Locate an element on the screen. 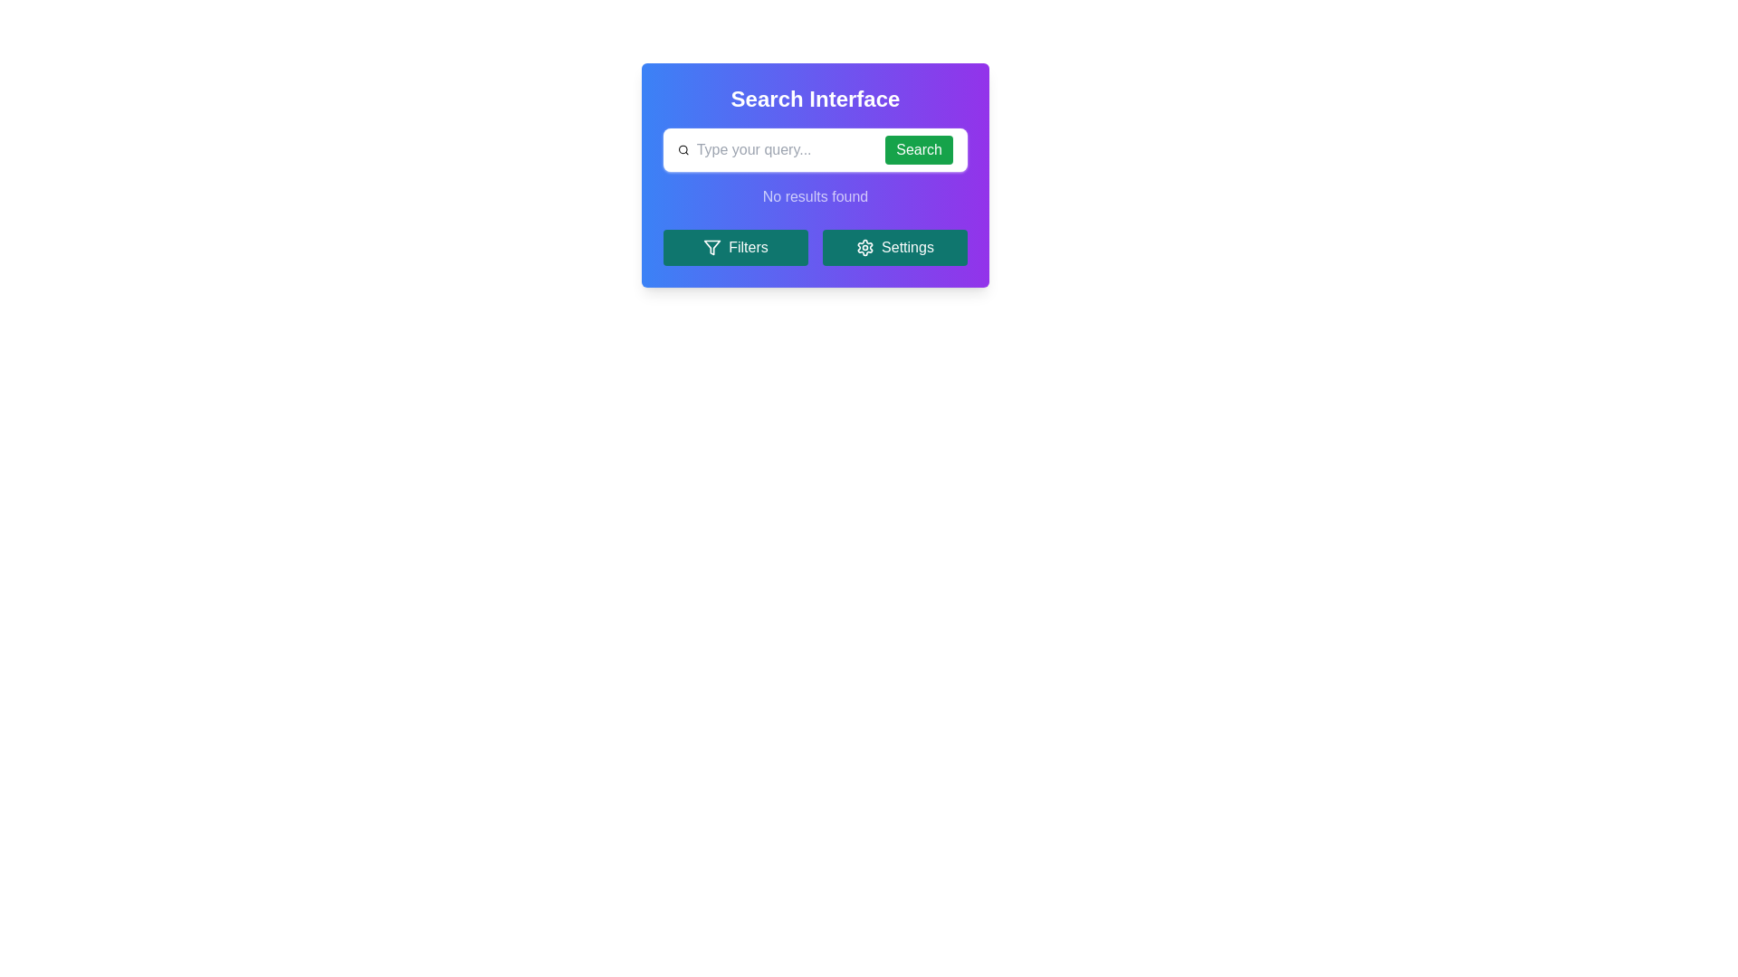 The height and width of the screenshot is (977, 1738). 'Settings' icon located within the 'Settings' button at the bottom-right section of the central overlay panel is located at coordinates (864, 247).